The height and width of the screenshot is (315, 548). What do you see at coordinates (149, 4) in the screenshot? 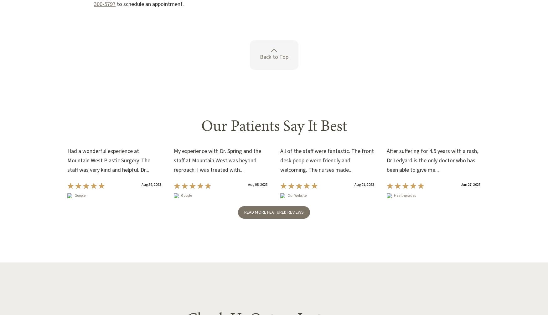
I see `'to schedule an appointment.'` at bounding box center [149, 4].